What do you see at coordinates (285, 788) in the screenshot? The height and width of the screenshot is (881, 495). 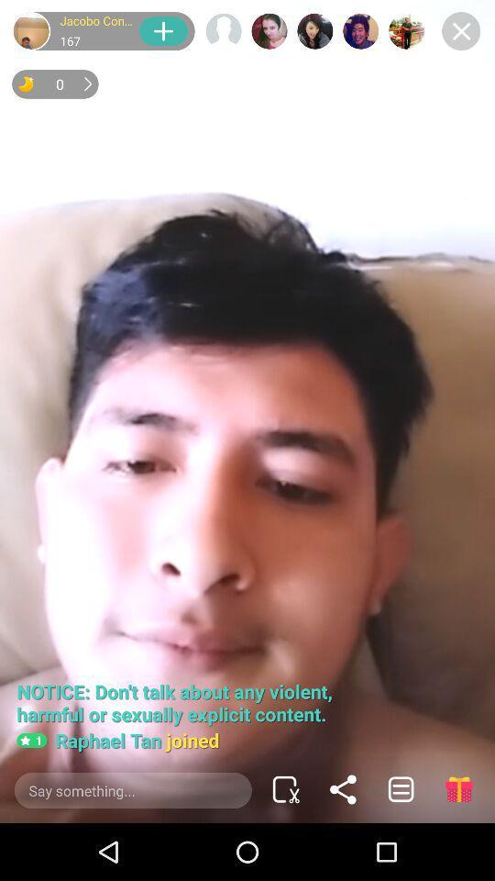 I see `the videocam icon` at bounding box center [285, 788].